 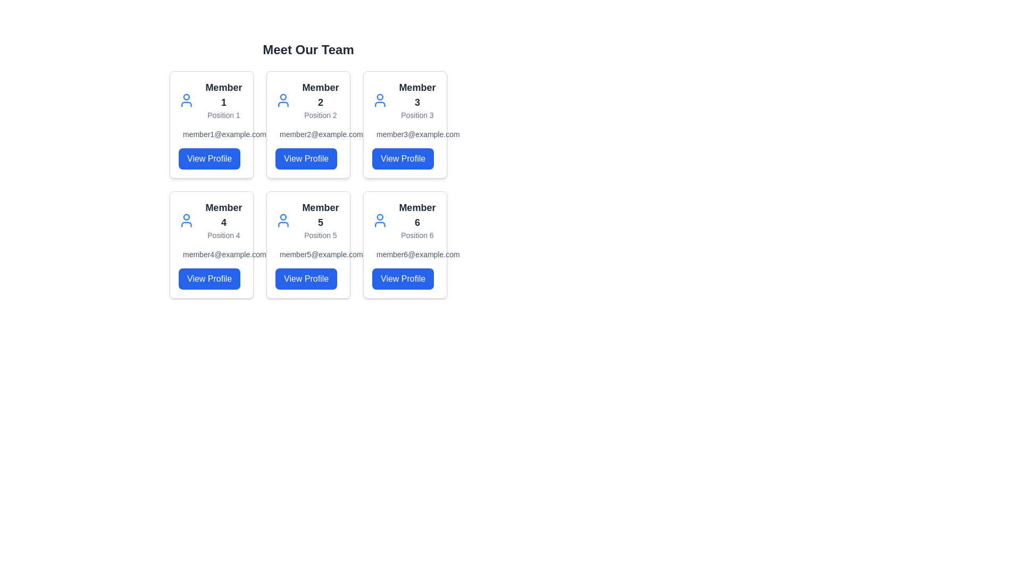 I want to click on the user profile silhouette vector graphic located in the sixth card labeled 'Member 6', which represents the shoulders and neckline of the icon, so click(x=380, y=224).